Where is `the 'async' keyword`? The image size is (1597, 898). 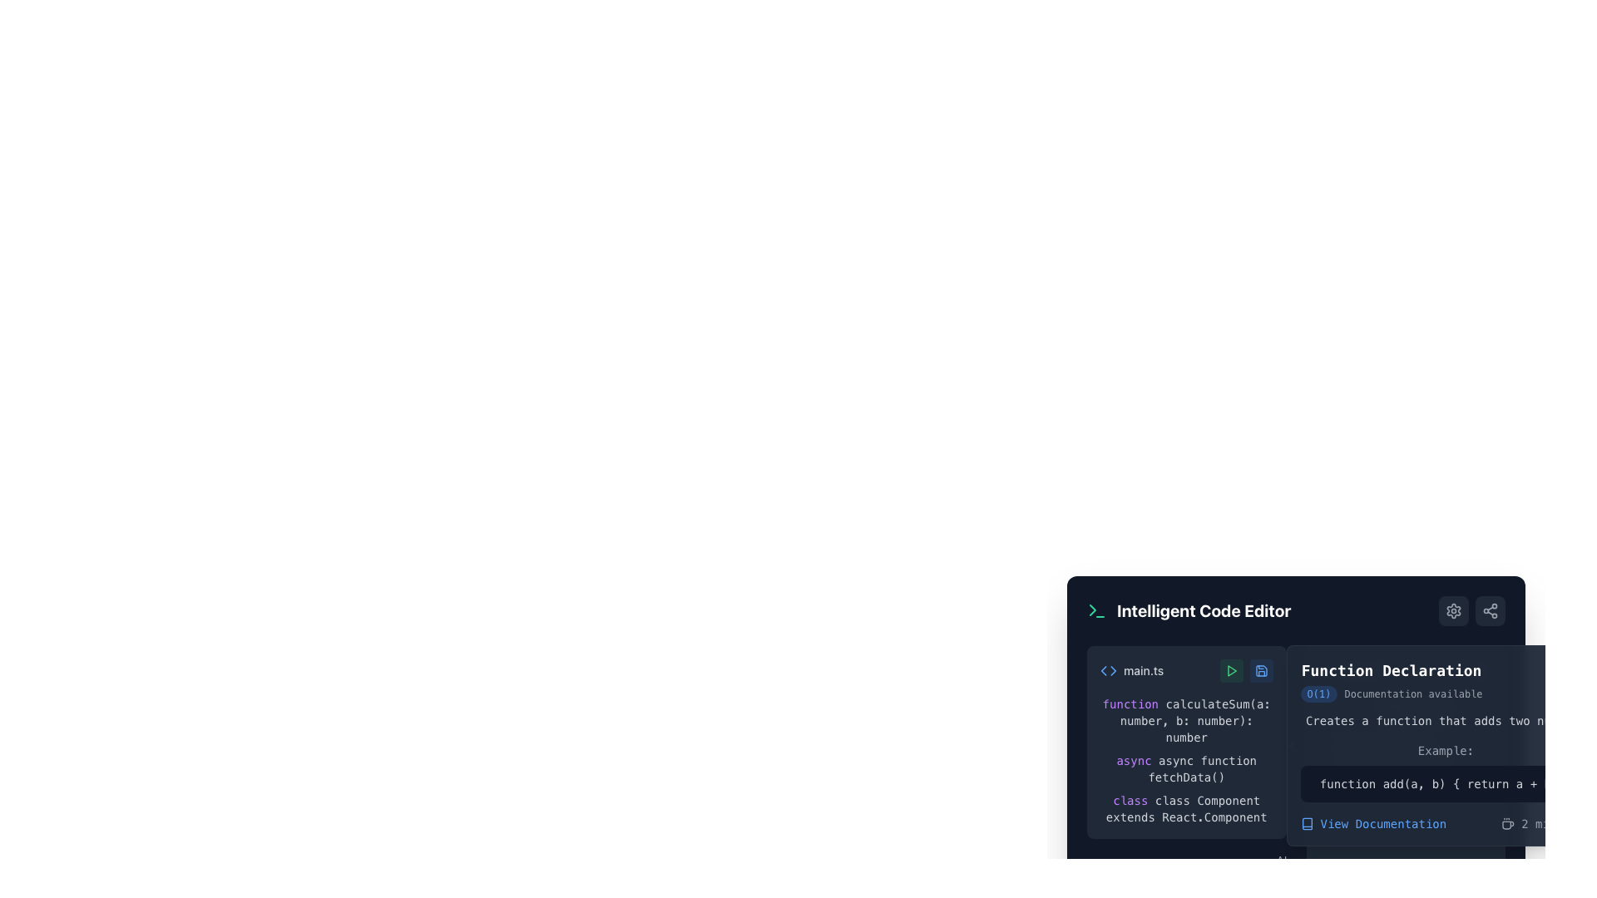
the 'async' keyword is located at coordinates (1133, 760).